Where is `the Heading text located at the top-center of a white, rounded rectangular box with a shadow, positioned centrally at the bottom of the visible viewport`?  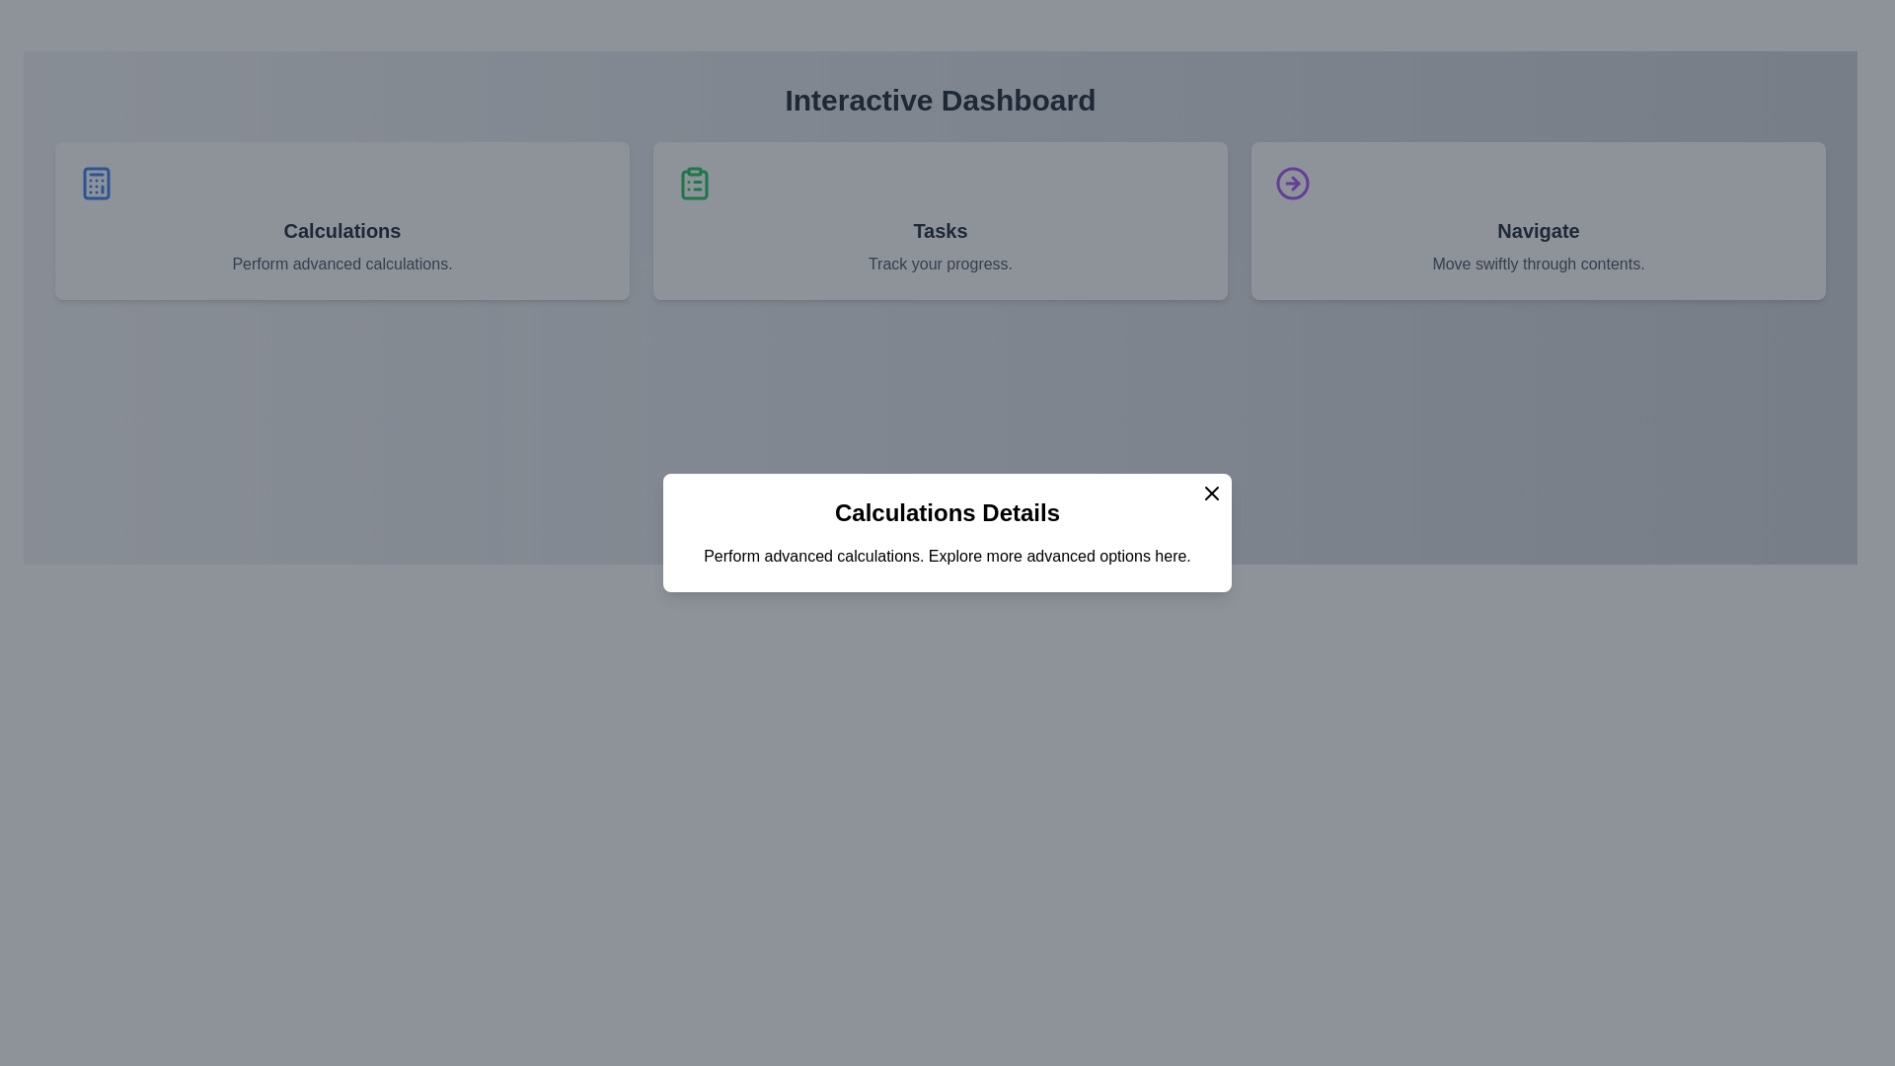 the Heading text located at the top-center of a white, rounded rectangular box with a shadow, positioned centrally at the bottom of the visible viewport is located at coordinates (947, 512).